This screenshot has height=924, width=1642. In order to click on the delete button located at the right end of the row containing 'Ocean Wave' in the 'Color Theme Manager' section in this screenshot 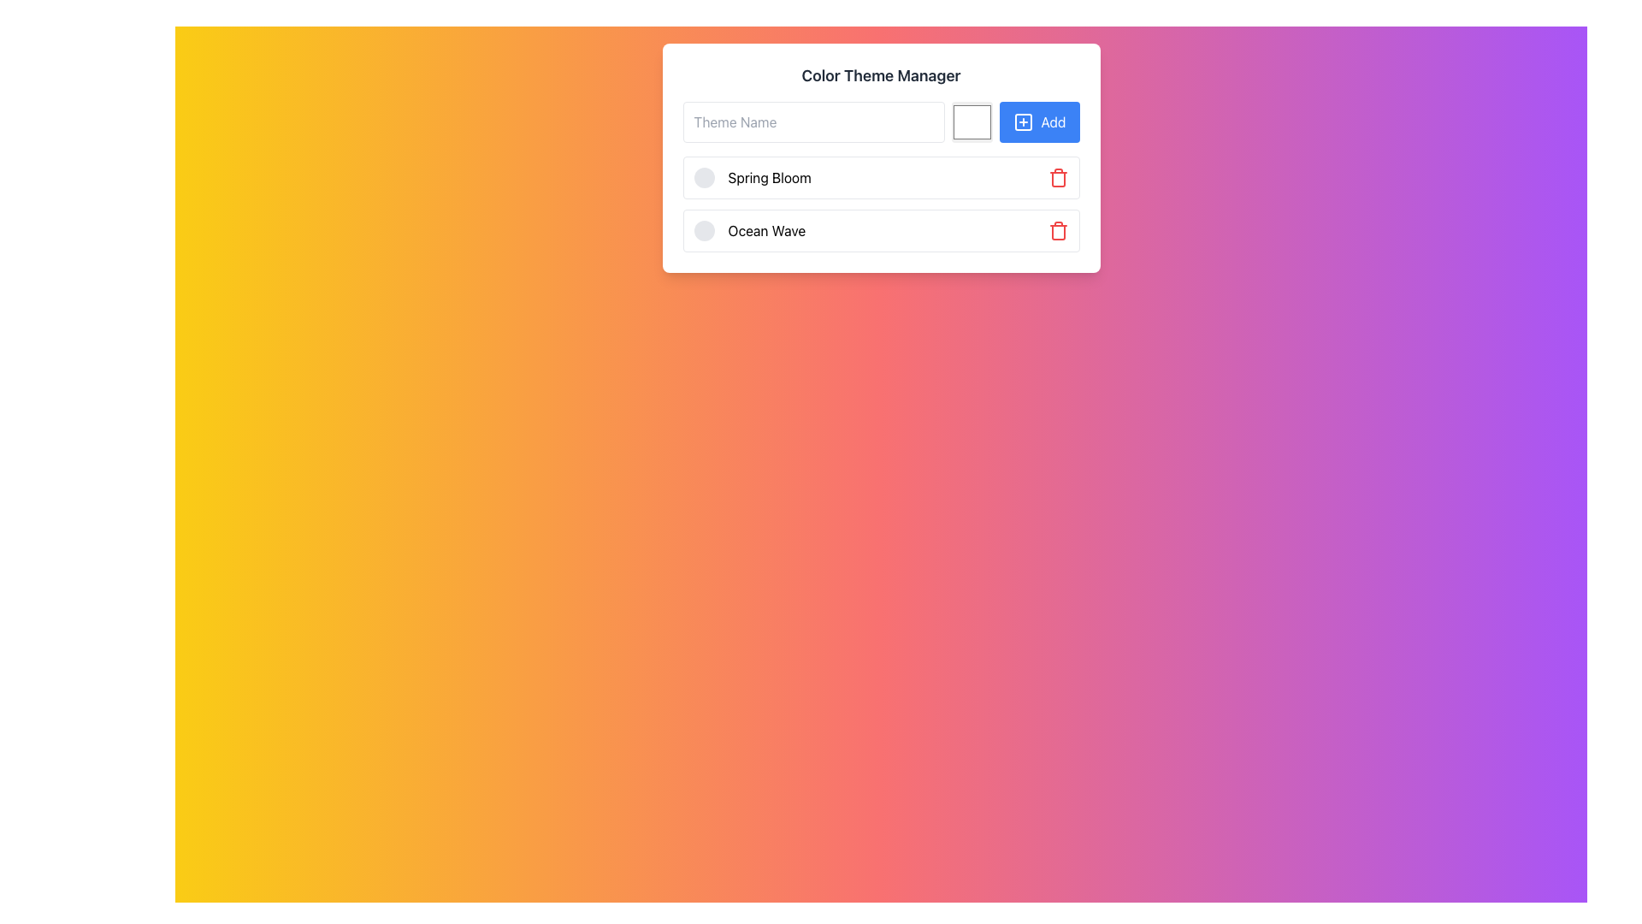, I will do `click(1057, 231)`.